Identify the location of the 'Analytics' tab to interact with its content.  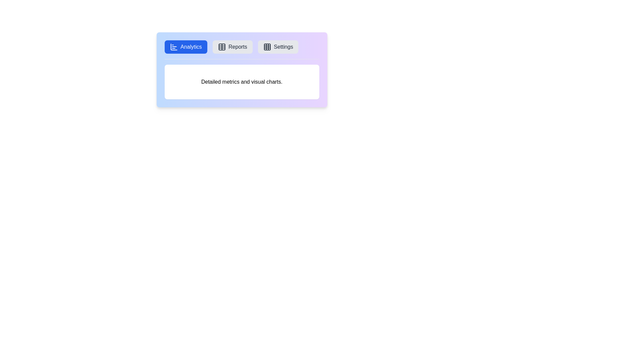
(185, 47).